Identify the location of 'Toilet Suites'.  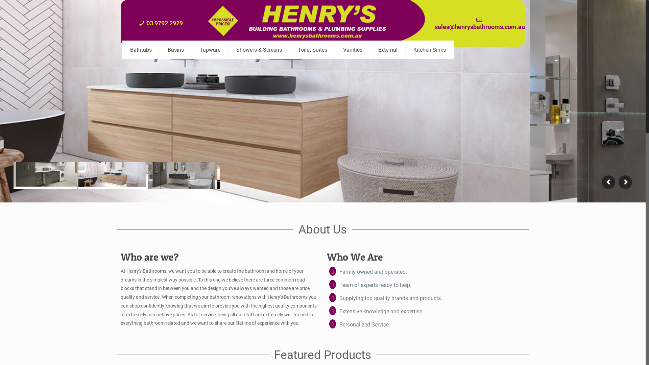
(312, 49).